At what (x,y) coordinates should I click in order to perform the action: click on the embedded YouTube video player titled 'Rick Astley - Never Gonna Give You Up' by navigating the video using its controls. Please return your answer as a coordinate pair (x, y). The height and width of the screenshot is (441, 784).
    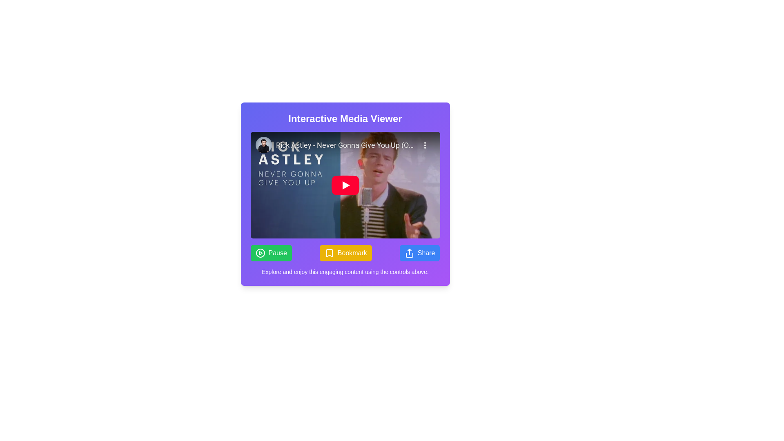
    Looking at the image, I should click on (345, 185).